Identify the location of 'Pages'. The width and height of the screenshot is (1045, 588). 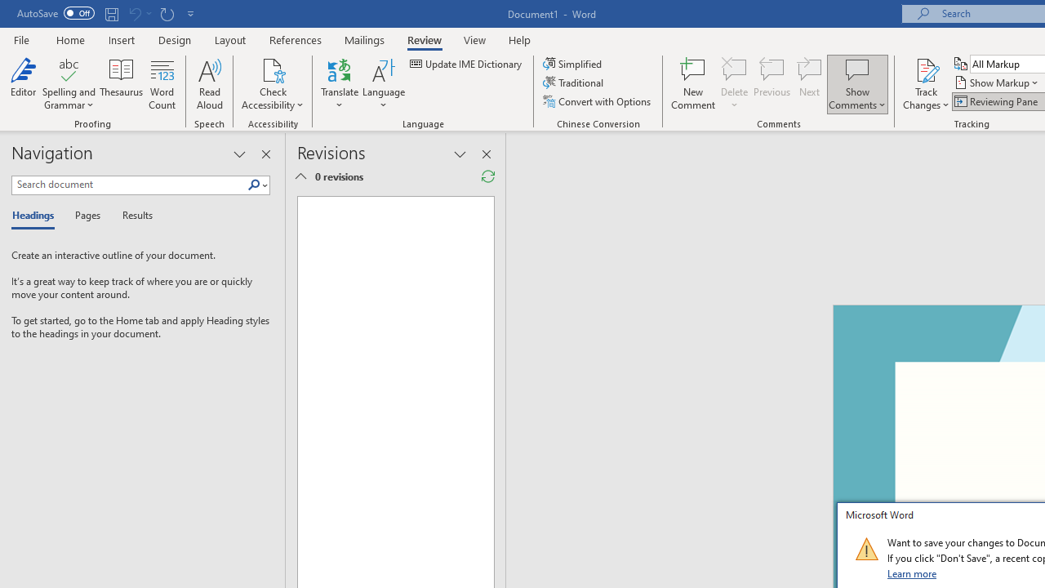
(85, 216).